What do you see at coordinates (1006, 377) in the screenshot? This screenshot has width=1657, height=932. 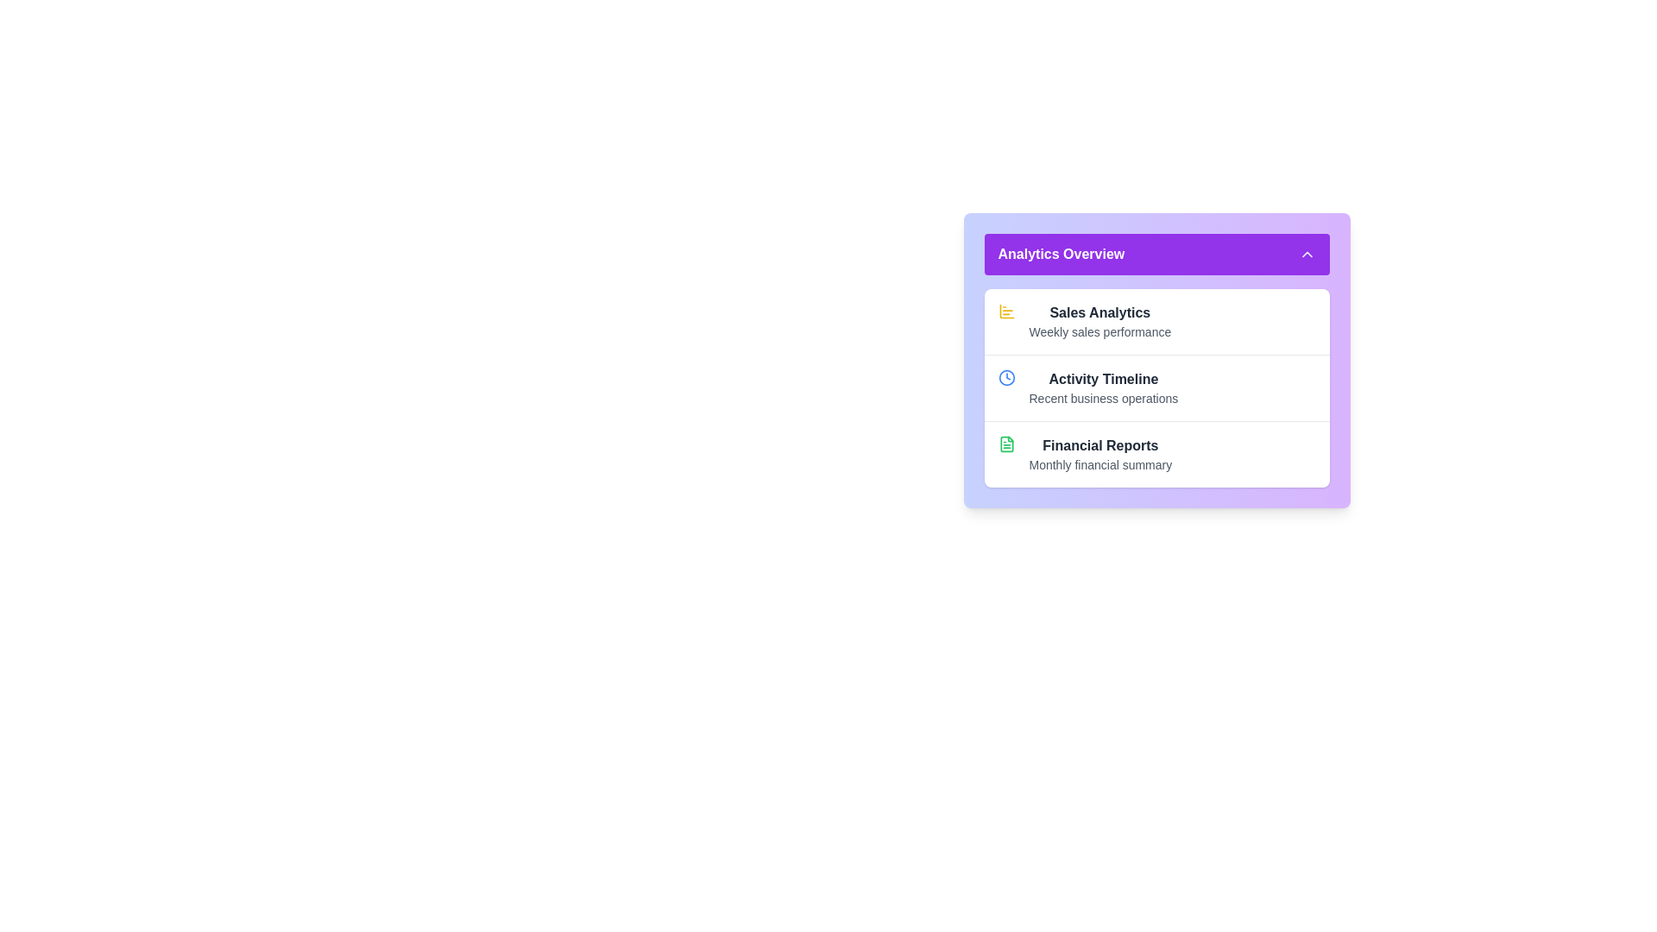 I see `the clock icon with a blue color and circular outline located in the 'Activity Timeline' section of the 'Analytics Overview' panel, positioned to the left of the 'Activity Timeline' text` at bounding box center [1006, 377].